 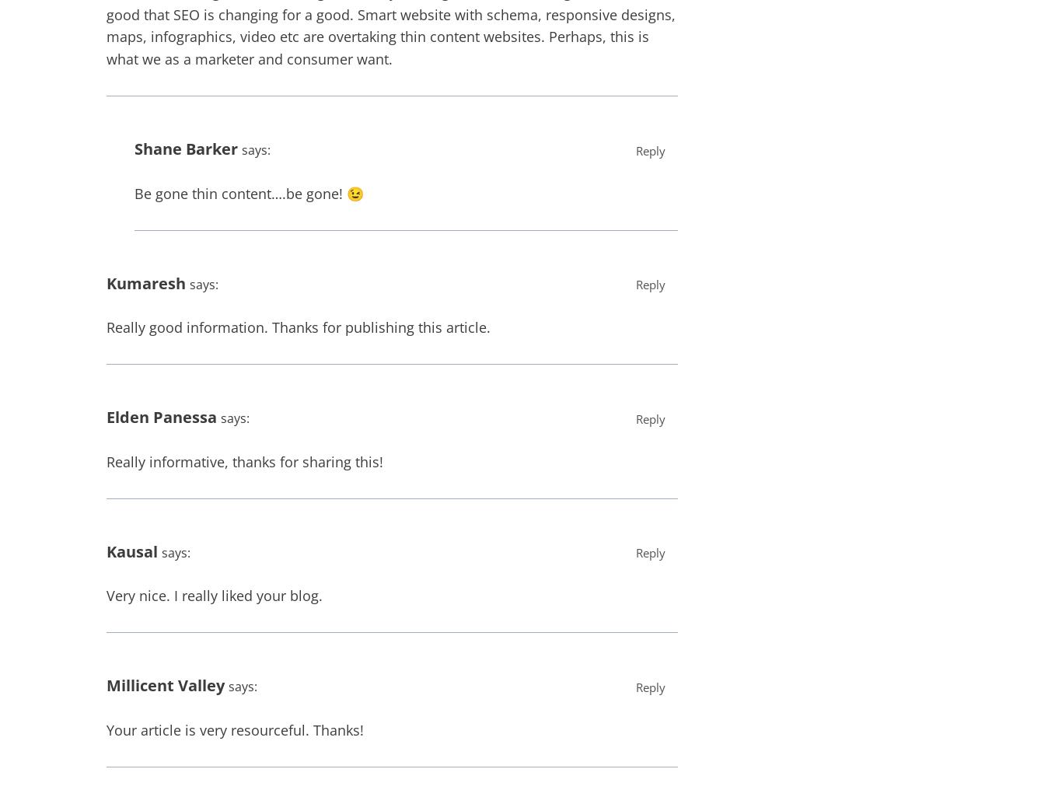 What do you see at coordinates (106, 282) in the screenshot?
I see `'Kumaresh'` at bounding box center [106, 282].